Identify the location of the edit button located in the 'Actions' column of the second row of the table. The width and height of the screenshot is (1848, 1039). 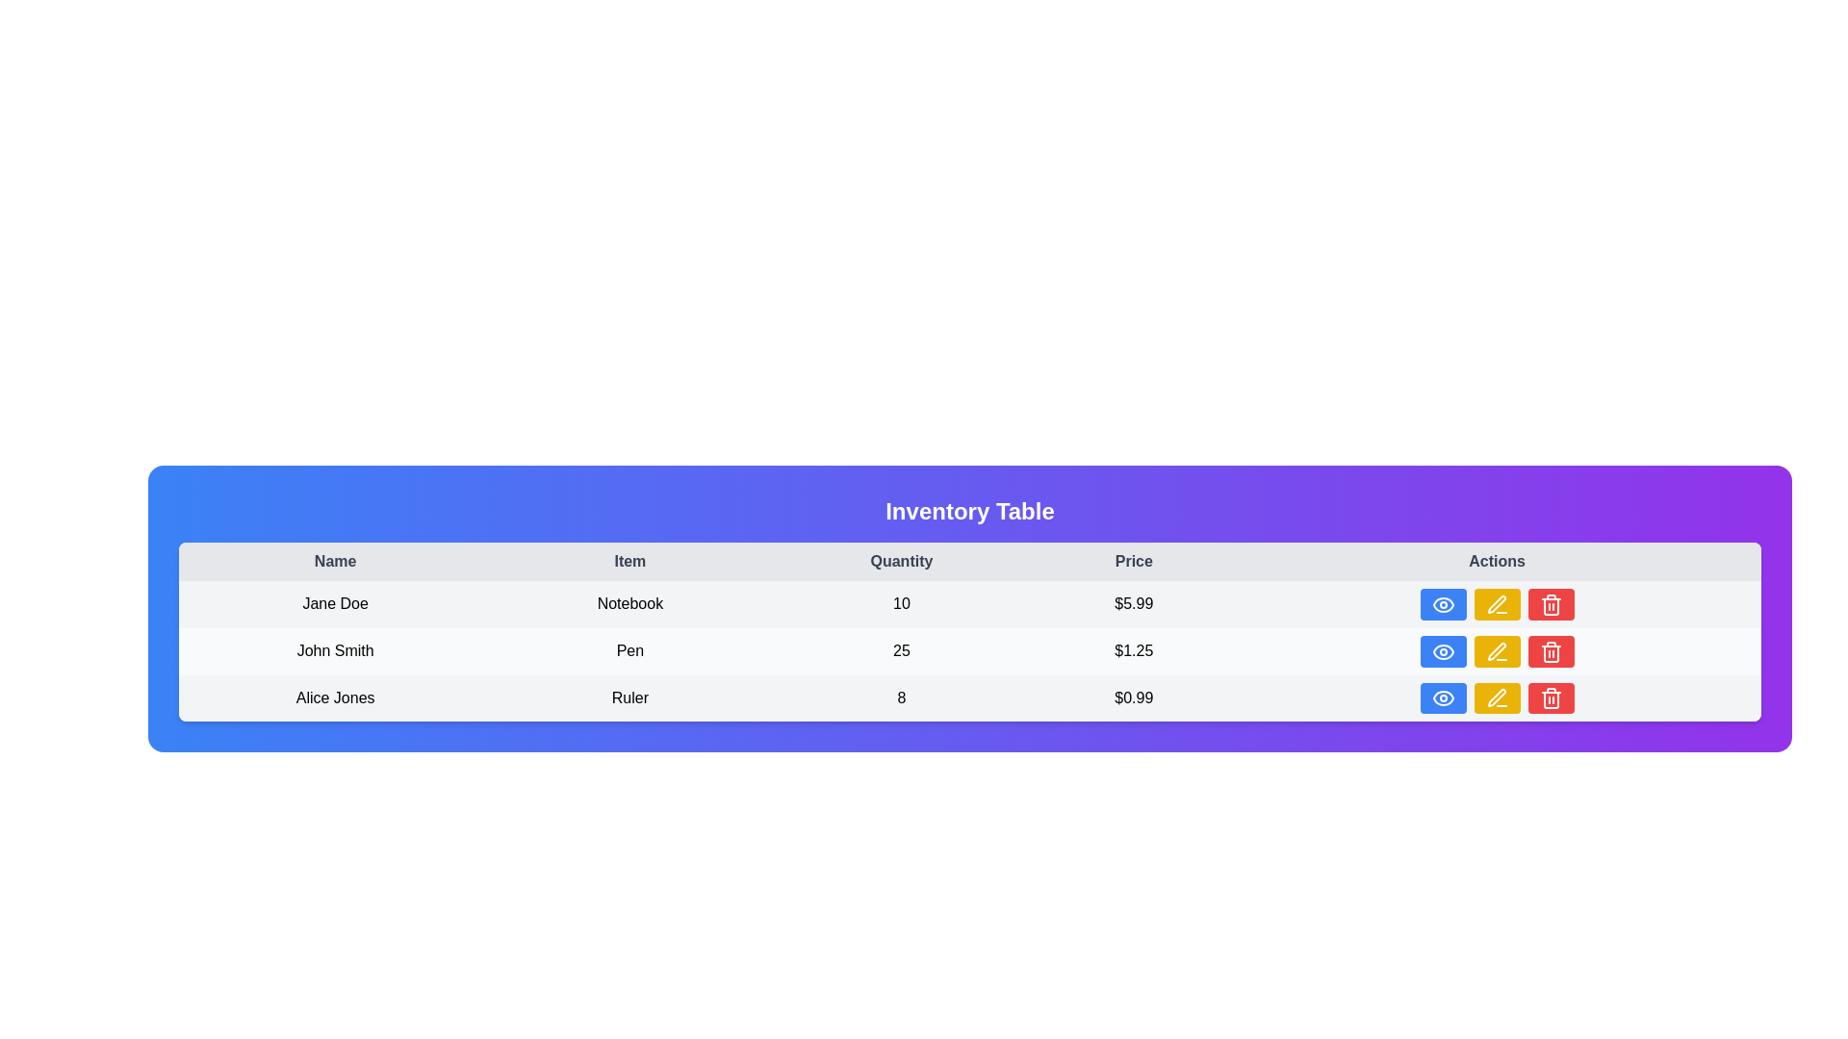
(1496, 650).